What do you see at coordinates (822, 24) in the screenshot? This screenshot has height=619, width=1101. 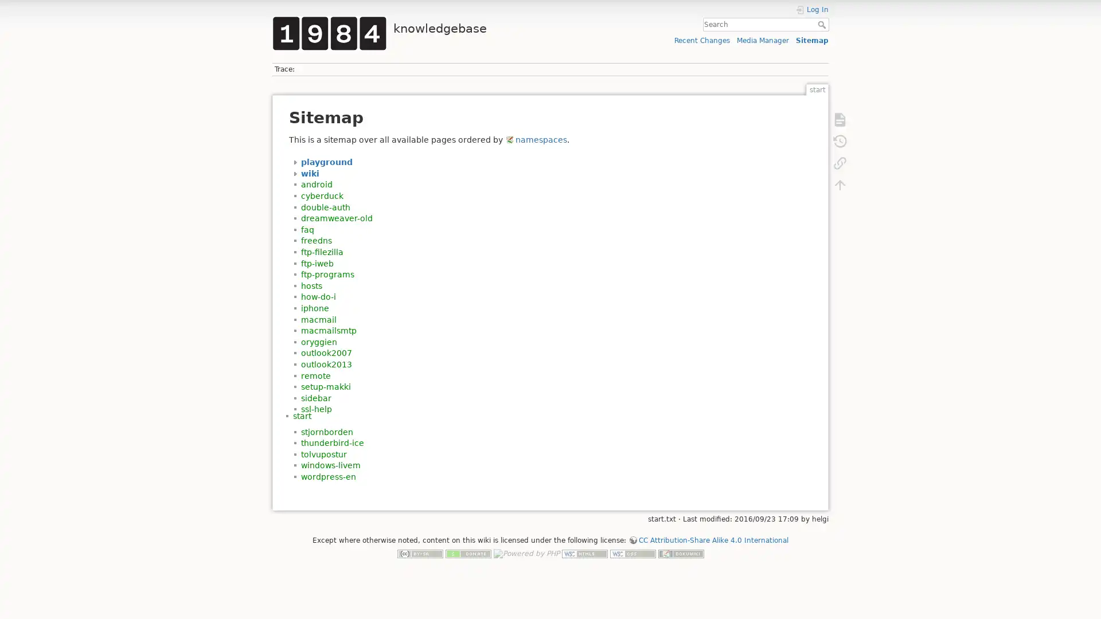 I see `Search` at bounding box center [822, 24].